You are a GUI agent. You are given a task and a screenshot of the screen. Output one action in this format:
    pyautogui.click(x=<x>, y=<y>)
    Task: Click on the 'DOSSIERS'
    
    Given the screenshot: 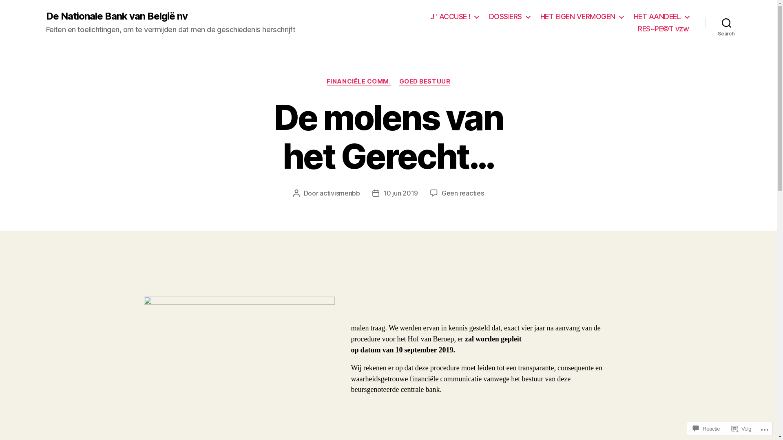 What is the action you would take?
    pyautogui.click(x=509, y=17)
    